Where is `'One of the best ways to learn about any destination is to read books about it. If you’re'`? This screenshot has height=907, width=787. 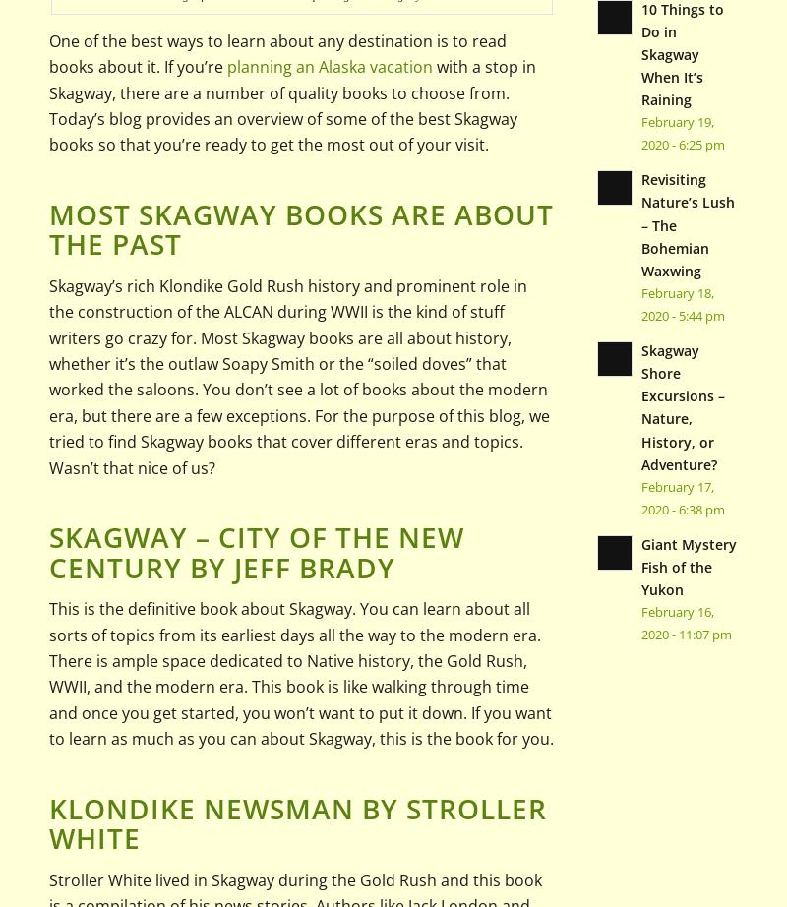 'One of the best ways to learn about any destination is to read books about it. If you’re' is located at coordinates (277, 53).